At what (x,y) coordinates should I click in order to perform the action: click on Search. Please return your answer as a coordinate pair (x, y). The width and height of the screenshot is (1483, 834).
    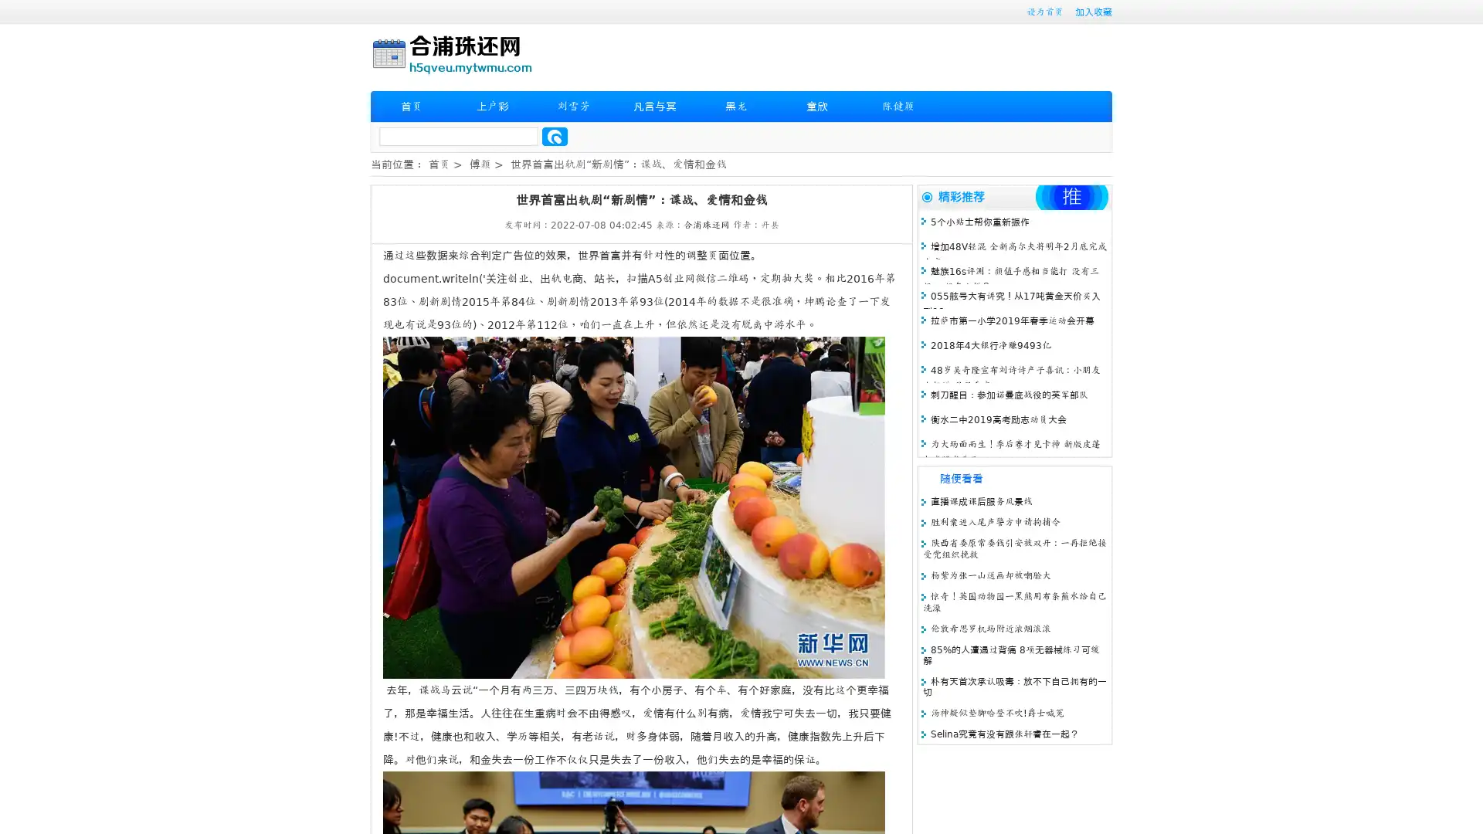
    Looking at the image, I should click on (555, 136).